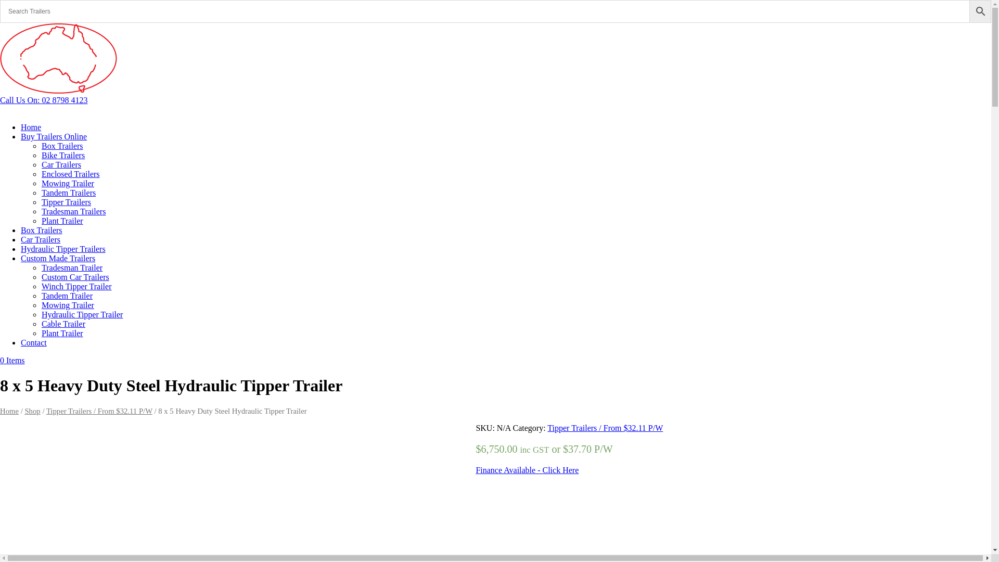 The image size is (999, 562). I want to click on 'Car Trailers', so click(40, 239).